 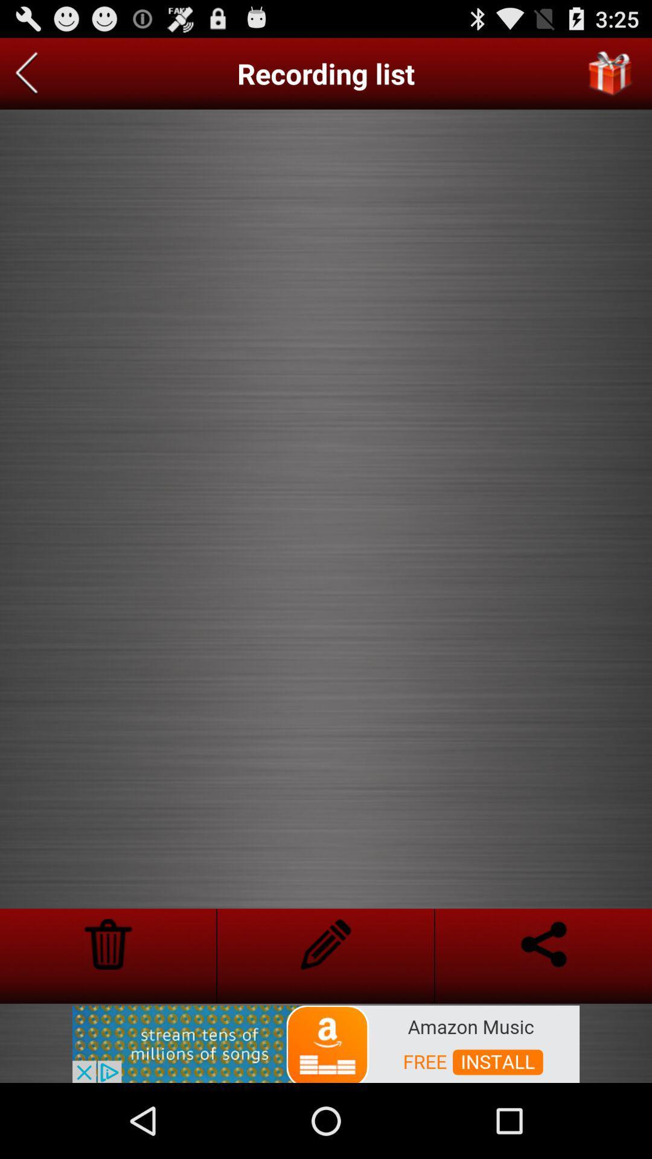 I want to click on the arrow_backward icon, so click(x=543, y=1011).